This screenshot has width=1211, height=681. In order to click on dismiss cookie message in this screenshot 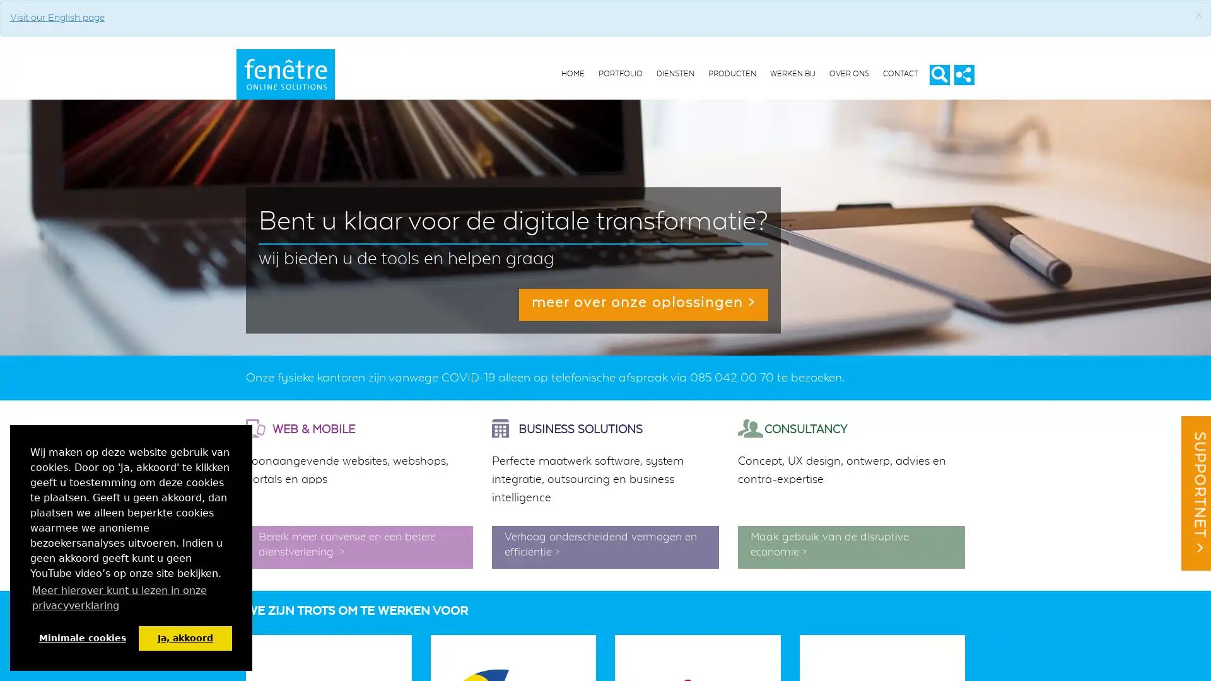, I will do `click(81, 637)`.